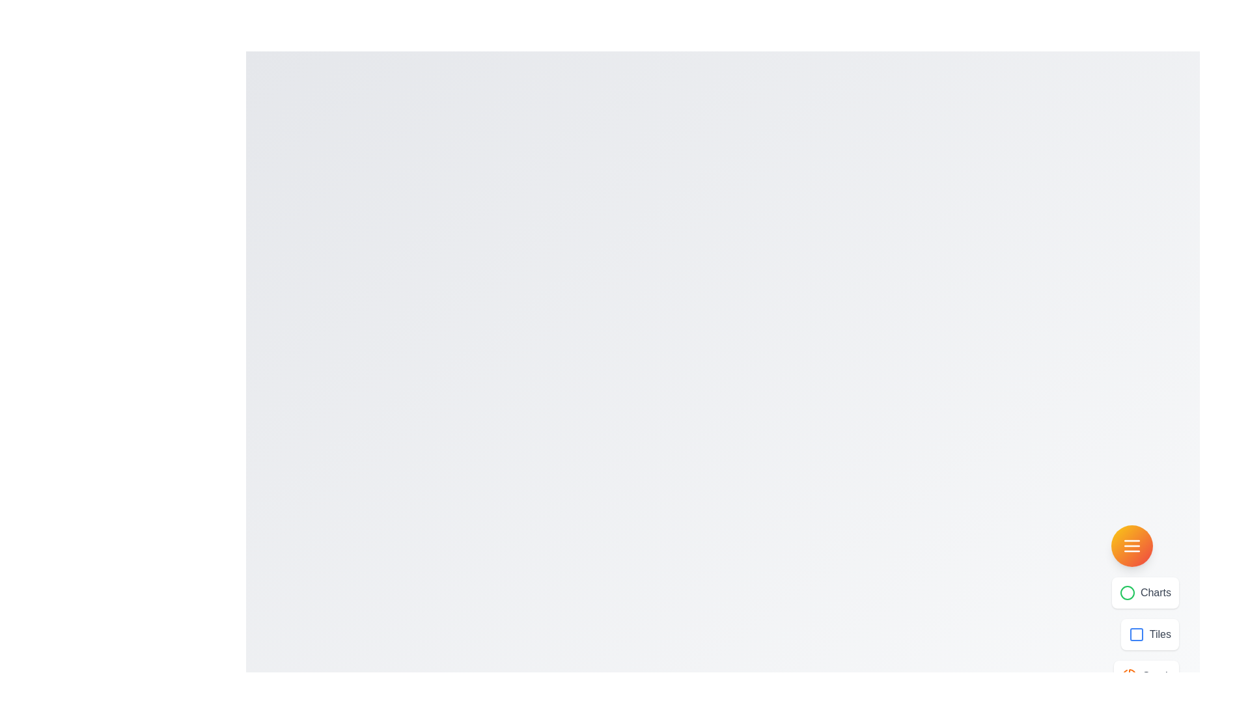 Image resolution: width=1250 pixels, height=703 pixels. I want to click on the menu option labeled Charts, so click(1145, 592).